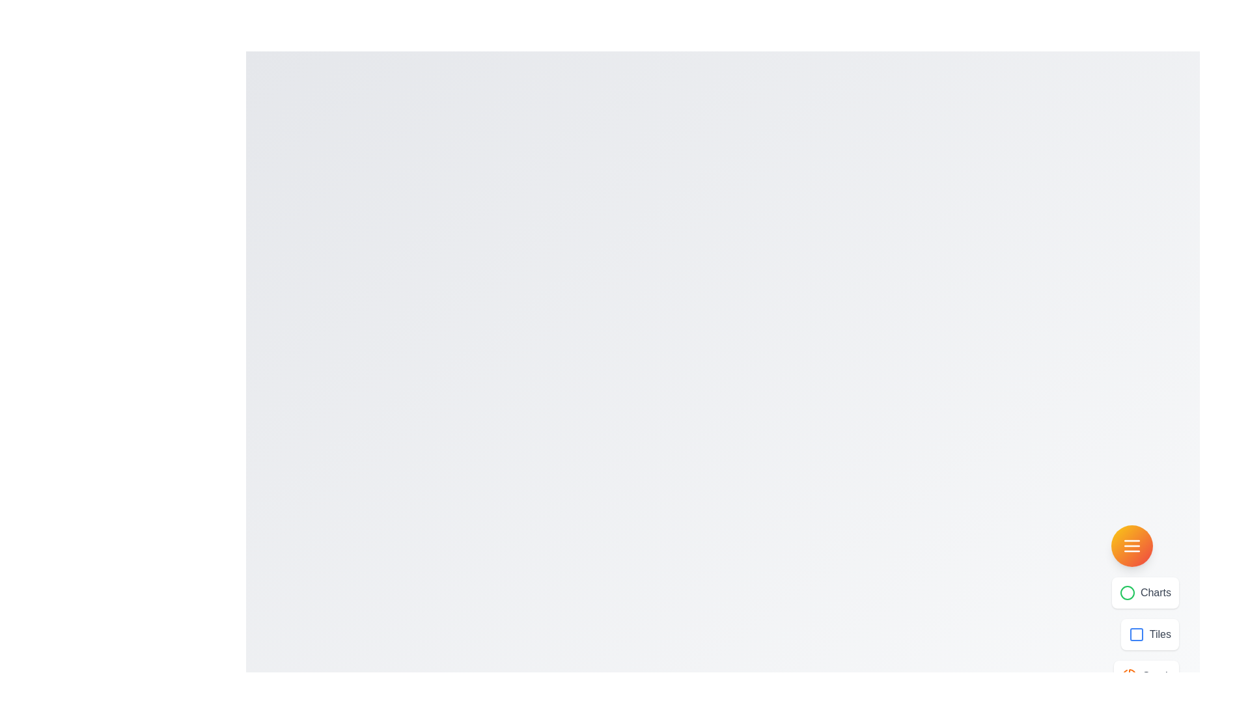 Image resolution: width=1250 pixels, height=703 pixels. I want to click on the menu option labeled Charts, so click(1145, 592).